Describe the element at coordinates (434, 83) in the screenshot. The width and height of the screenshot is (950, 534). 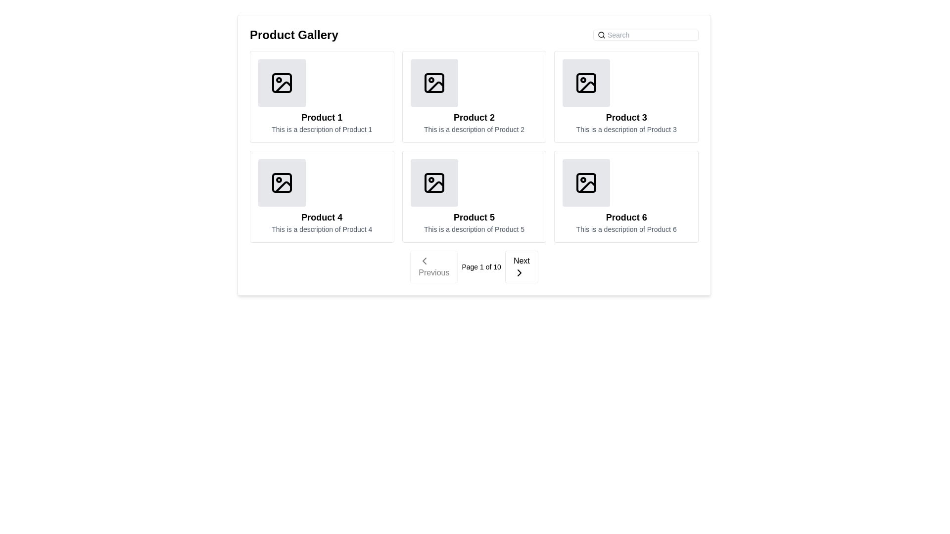
I see `the SVG rectangle with rounded corners located in the top-left section of the image placeholder icon within the second product card under the header 'Product 2'` at that location.